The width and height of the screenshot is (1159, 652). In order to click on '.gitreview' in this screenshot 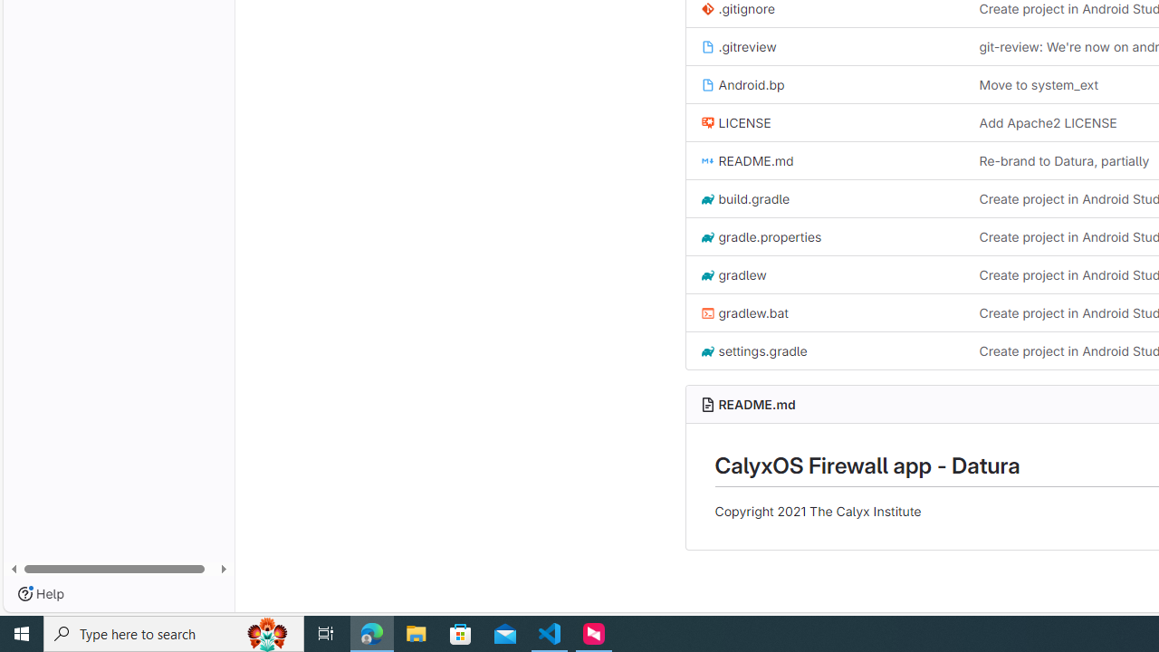, I will do `click(738, 45)`.